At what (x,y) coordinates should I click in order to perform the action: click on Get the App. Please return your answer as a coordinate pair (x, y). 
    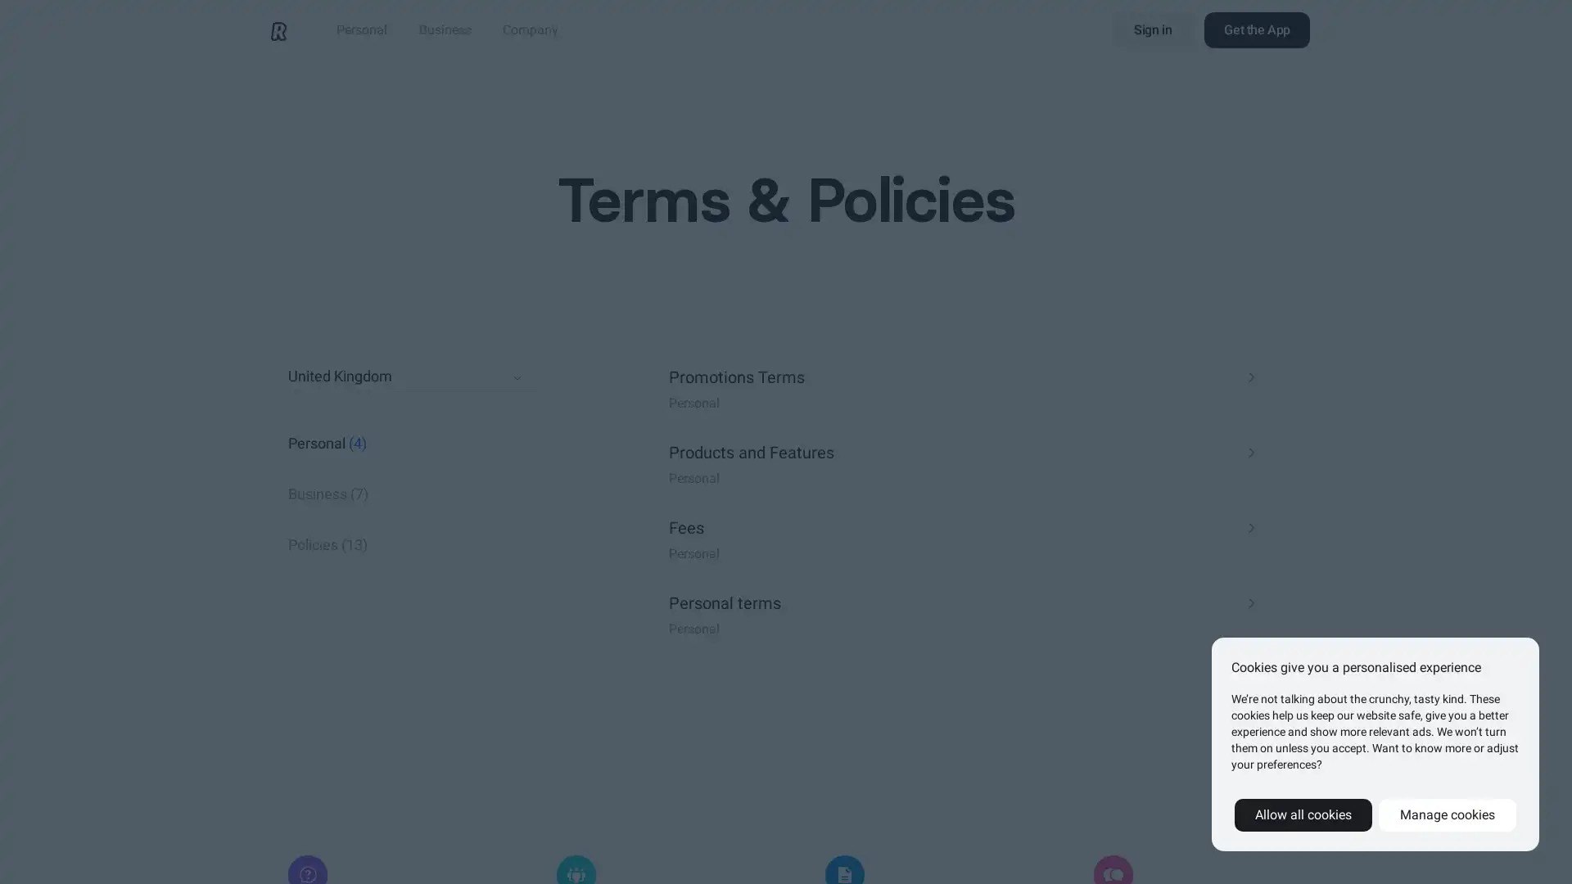
    Looking at the image, I should click on (1256, 29).